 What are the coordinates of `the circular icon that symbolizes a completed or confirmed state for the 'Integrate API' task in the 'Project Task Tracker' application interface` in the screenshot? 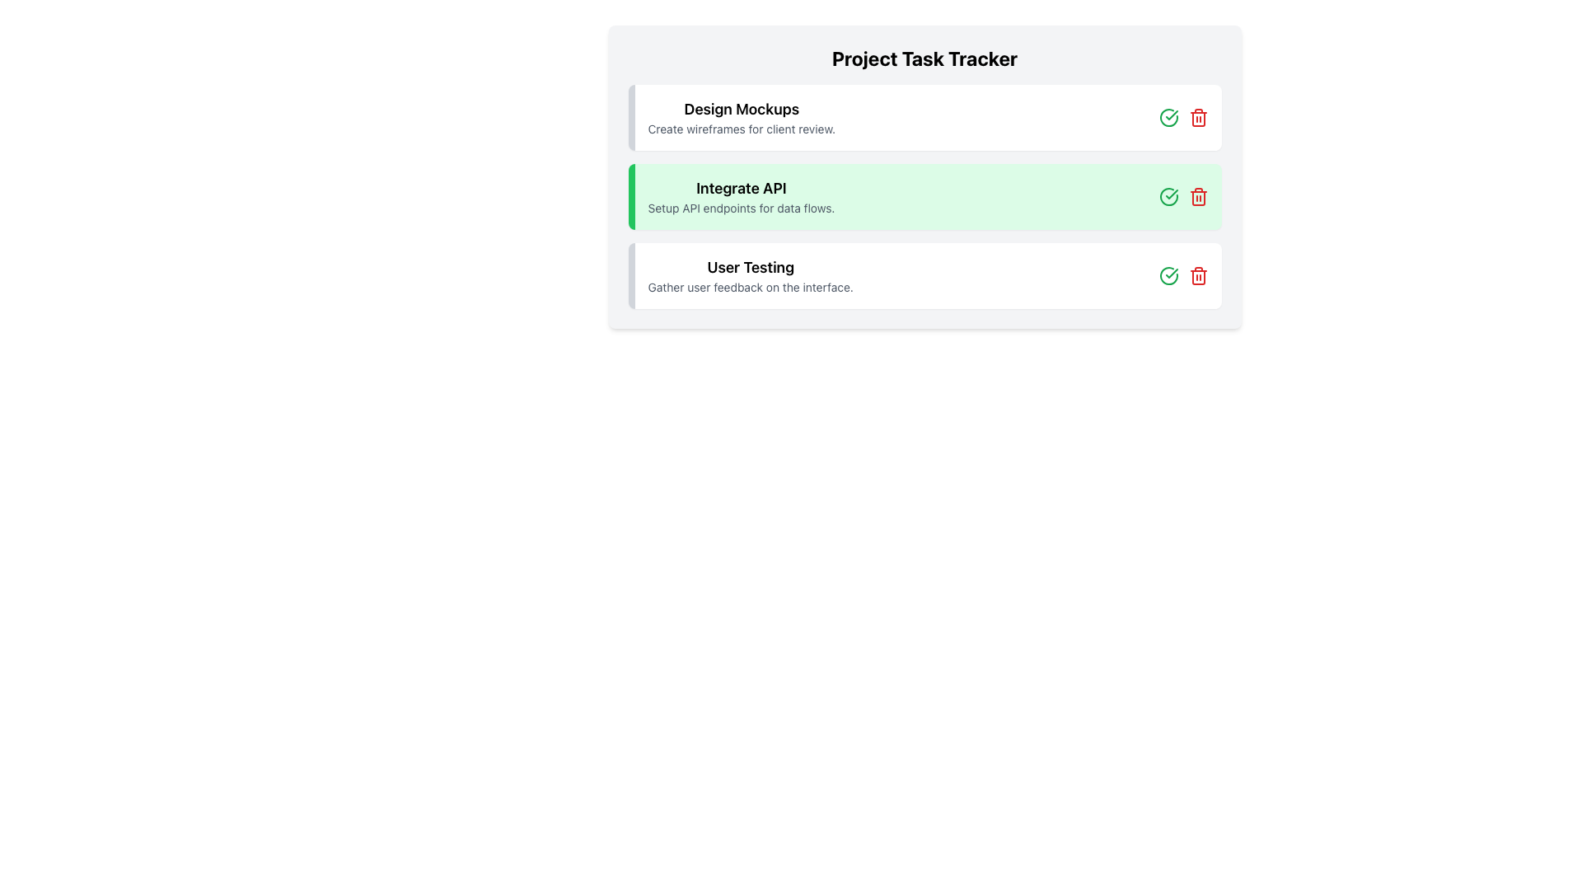 It's located at (1170, 193).